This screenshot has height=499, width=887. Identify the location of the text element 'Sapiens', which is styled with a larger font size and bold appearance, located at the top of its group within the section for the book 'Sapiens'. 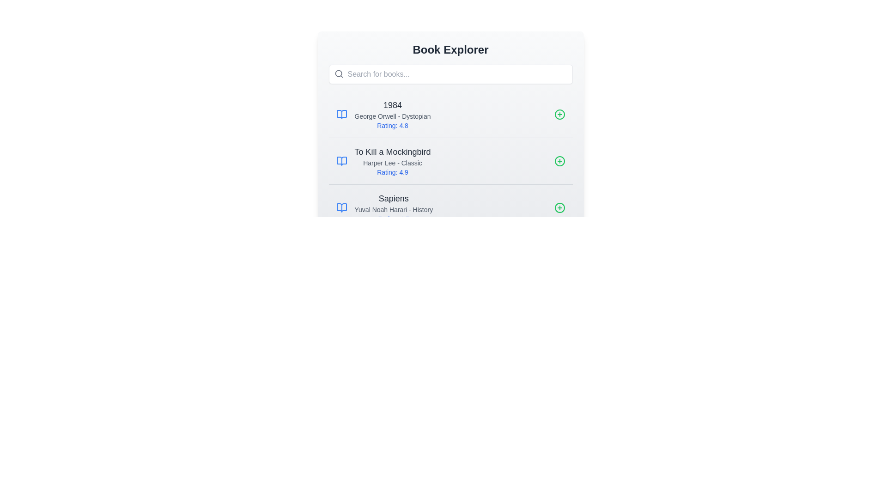
(394, 198).